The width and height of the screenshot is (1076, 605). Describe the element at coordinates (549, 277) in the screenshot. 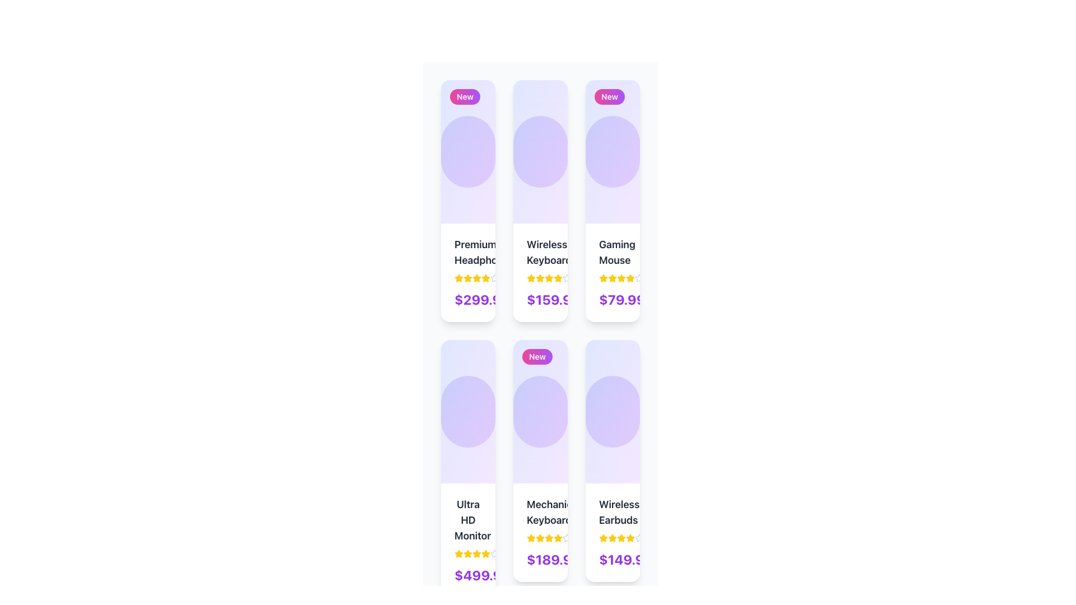

I see `the third star icon in the product rating system` at that location.